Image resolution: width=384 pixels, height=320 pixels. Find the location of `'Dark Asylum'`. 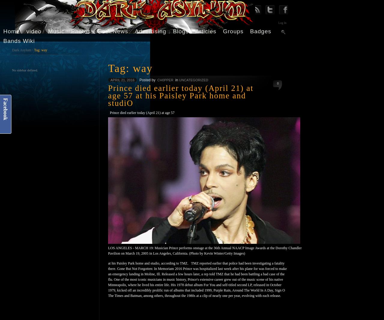

'Dark Asylum' is located at coordinates (21, 49).